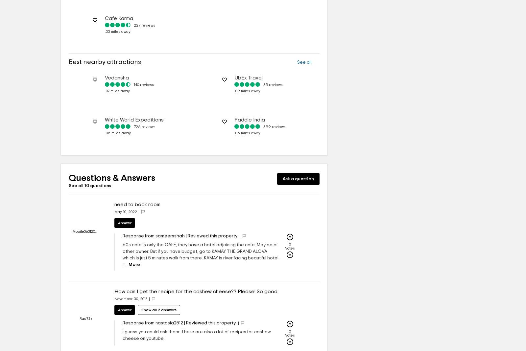 The image size is (526, 351). What do you see at coordinates (274, 127) in the screenshot?
I see `'399 reviews'` at bounding box center [274, 127].